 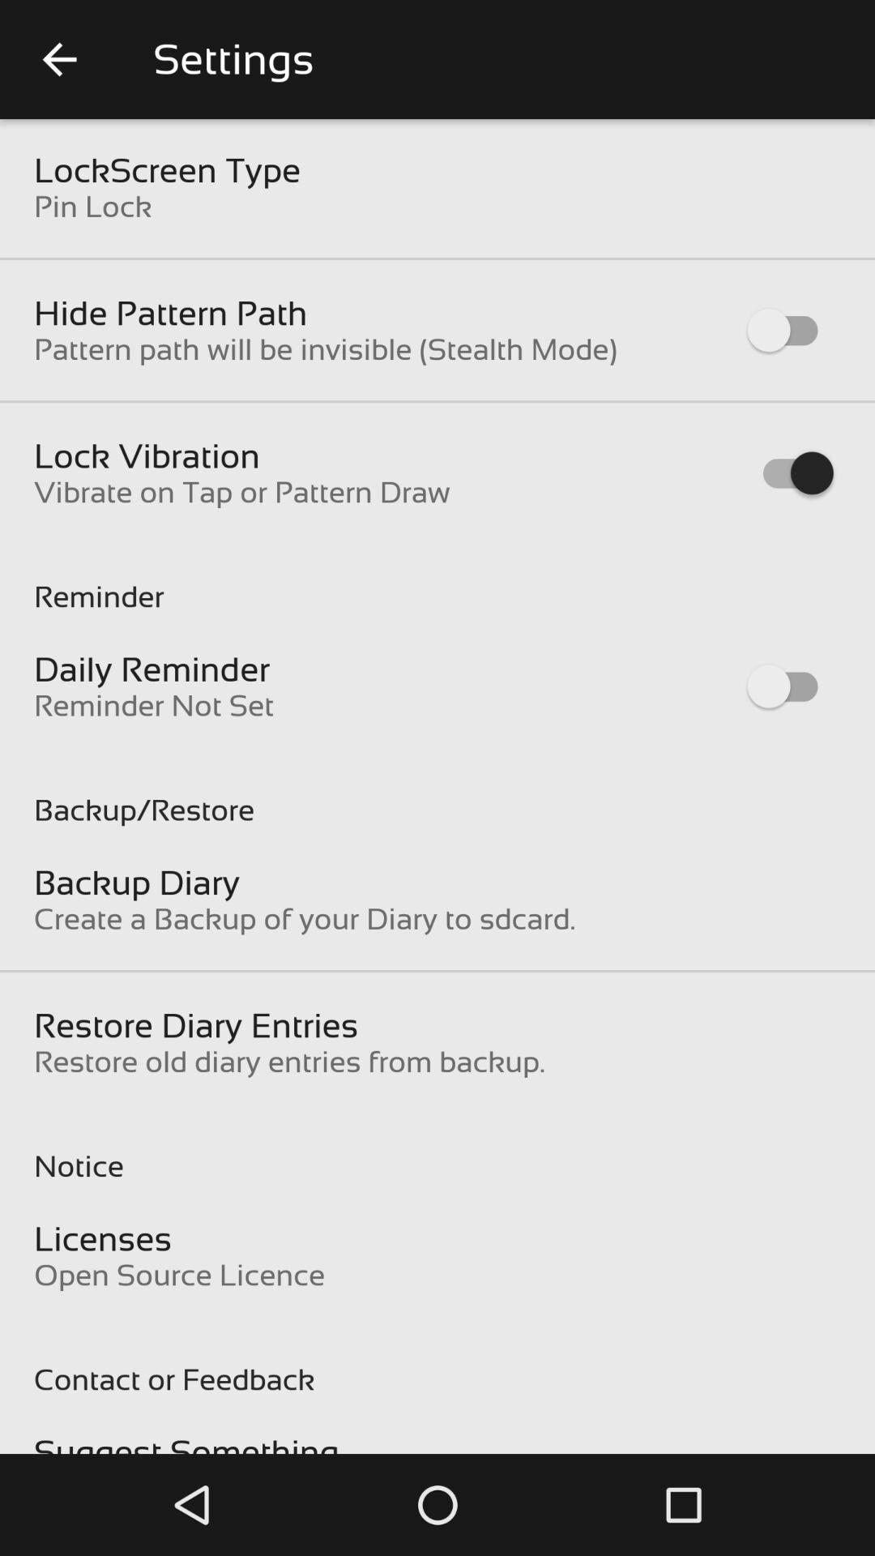 What do you see at coordinates (241, 491) in the screenshot?
I see `item above reminder icon` at bounding box center [241, 491].